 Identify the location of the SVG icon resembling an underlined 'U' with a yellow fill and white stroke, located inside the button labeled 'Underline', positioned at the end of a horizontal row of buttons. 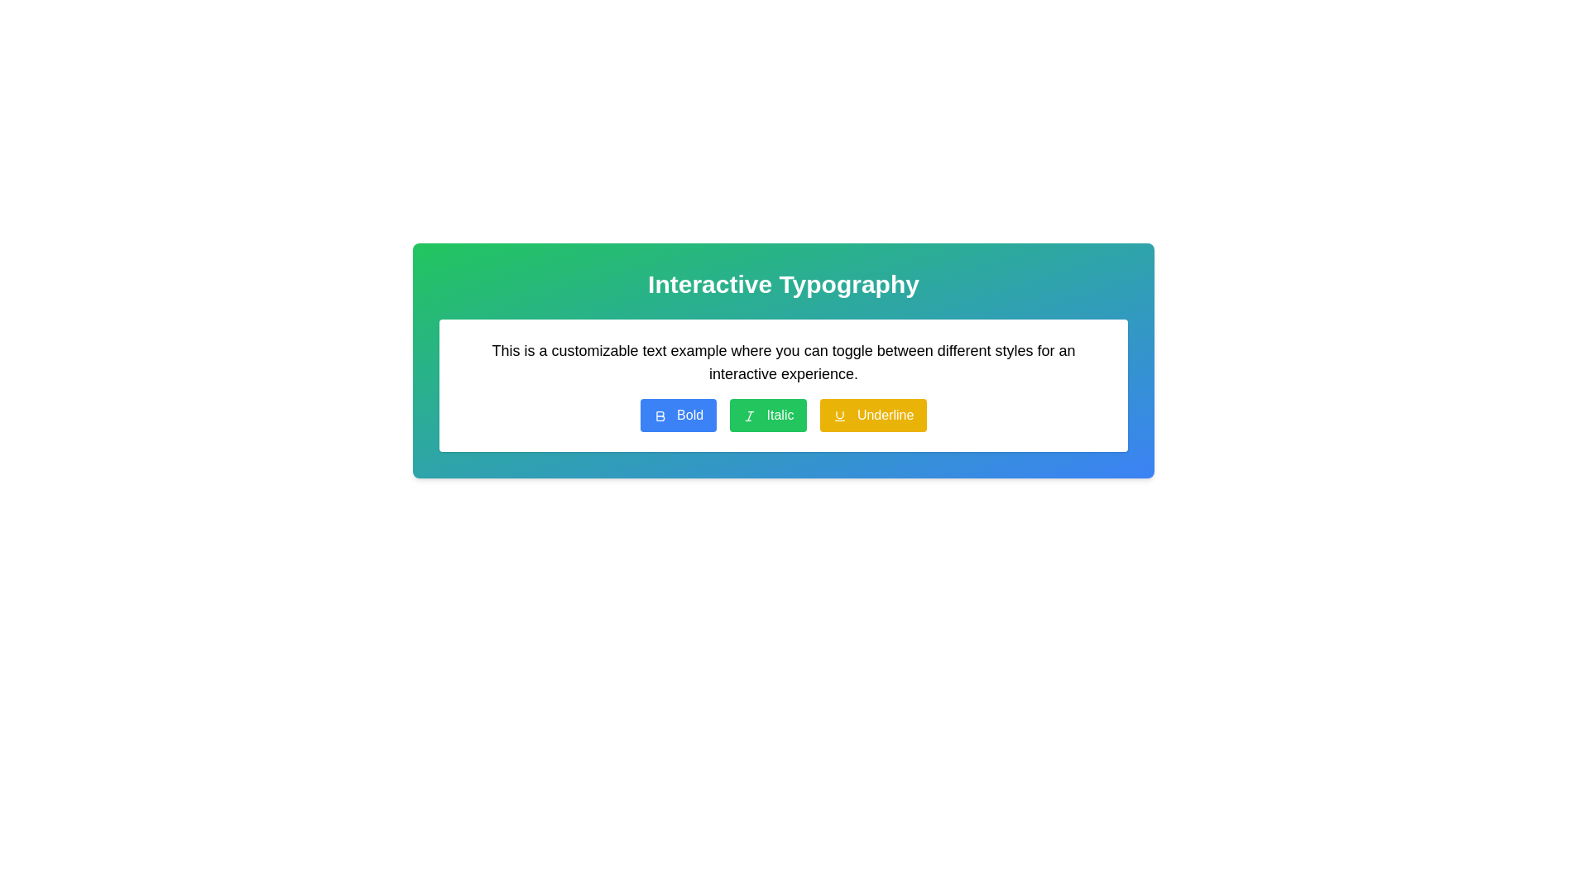
(840, 415).